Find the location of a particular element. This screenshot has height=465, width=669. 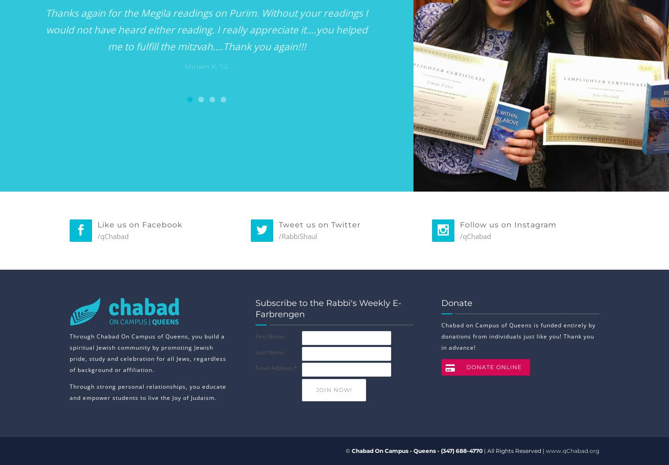

'Through Chabad On Campus of Queens, you build a spiritual Jewish community by promoting Jewish pride, study and celebration for all Jews, regardless of background or affiliation.' is located at coordinates (148, 353).